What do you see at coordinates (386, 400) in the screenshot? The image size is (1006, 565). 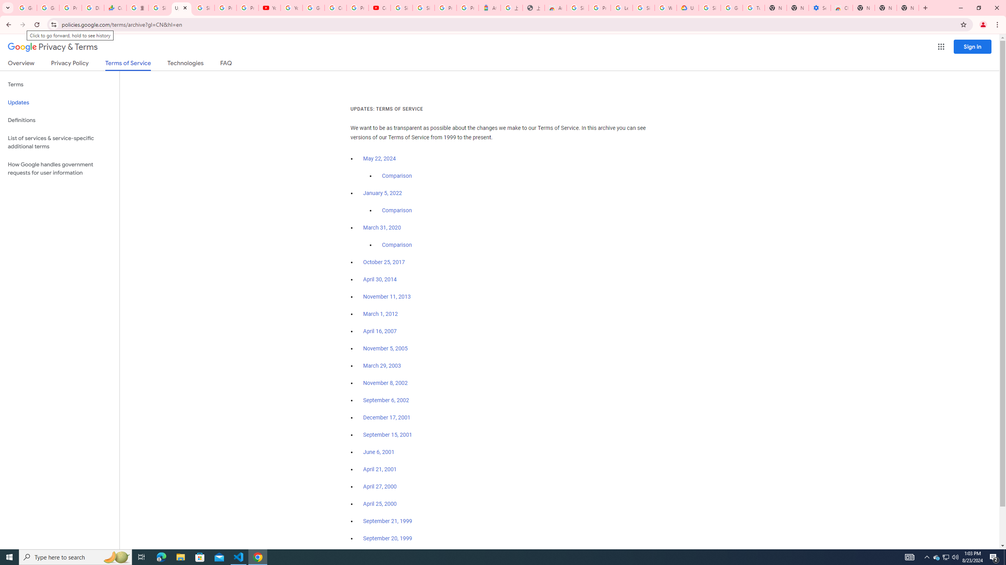 I see `'September 6, 2002'` at bounding box center [386, 400].